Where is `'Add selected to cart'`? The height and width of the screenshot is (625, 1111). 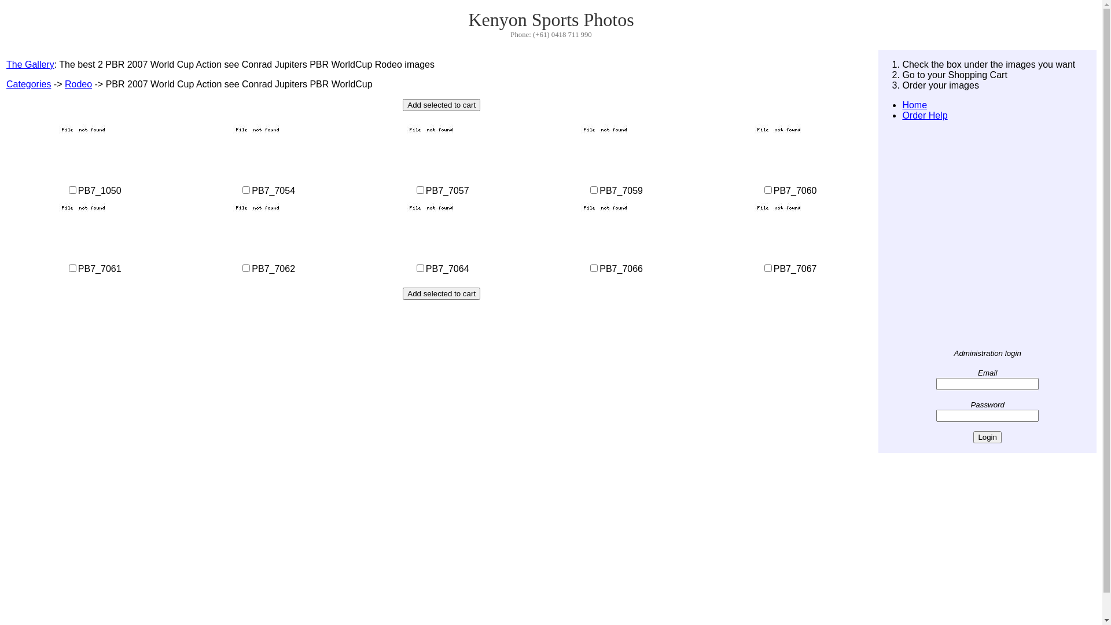 'Add selected to cart' is located at coordinates (441, 293).